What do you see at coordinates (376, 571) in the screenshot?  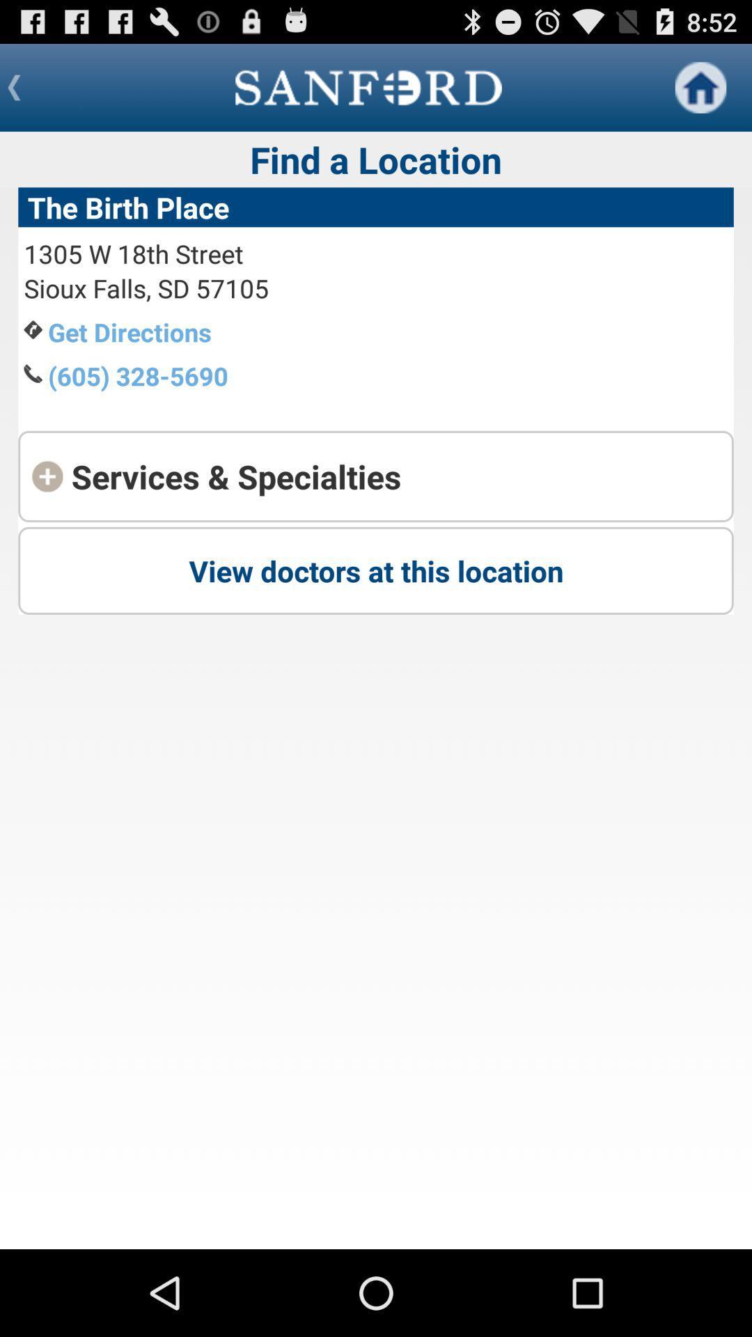 I see `the last button` at bounding box center [376, 571].